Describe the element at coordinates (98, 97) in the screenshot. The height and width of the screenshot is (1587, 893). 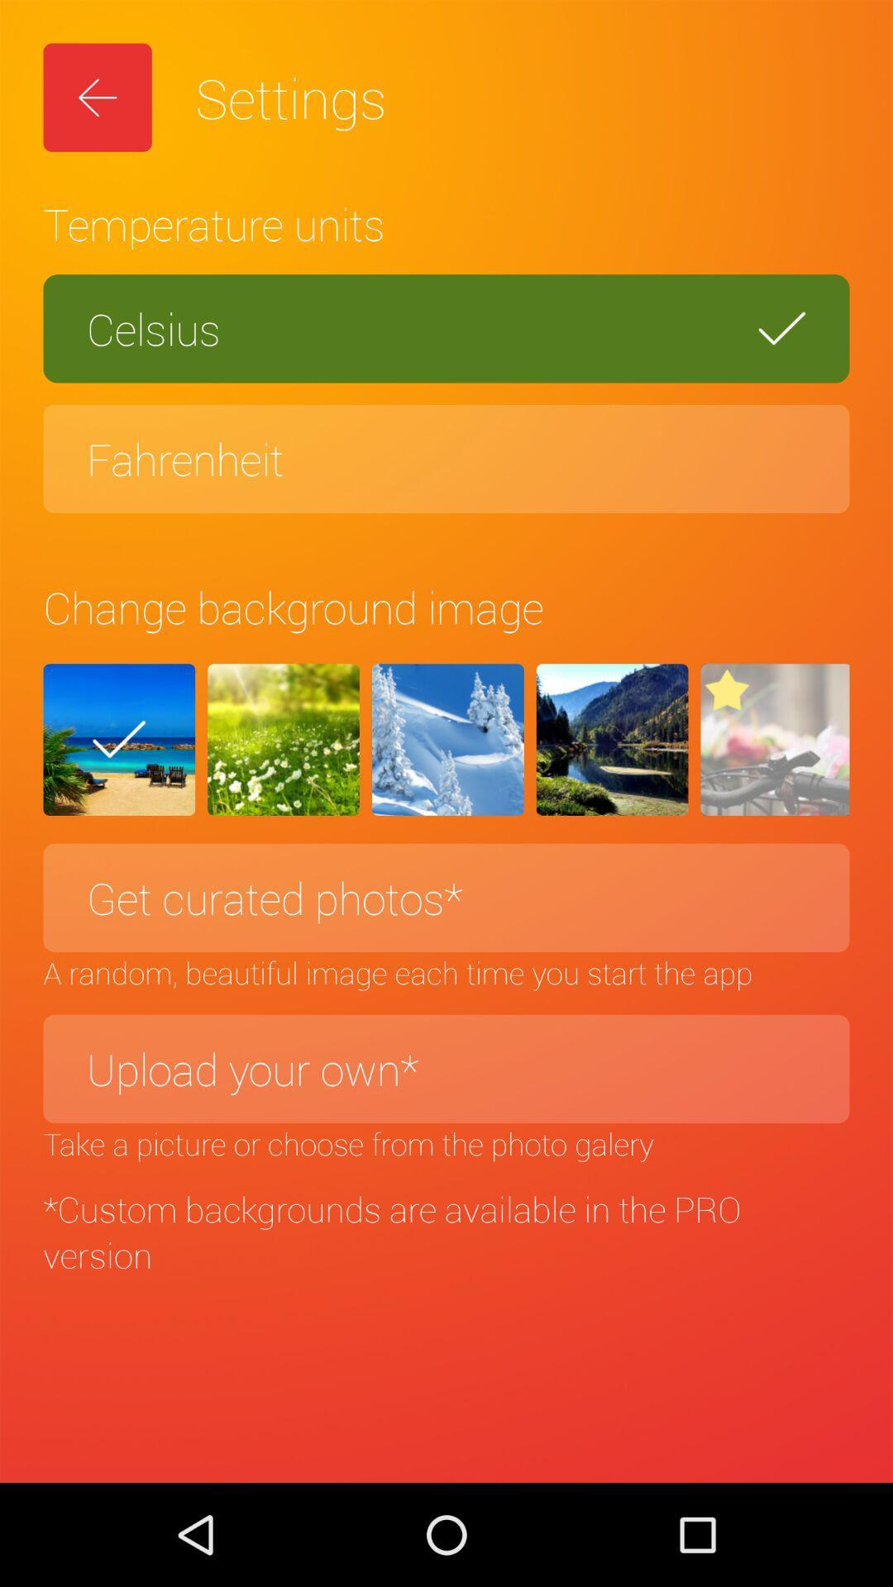
I see `item to the left of the settings icon` at that location.